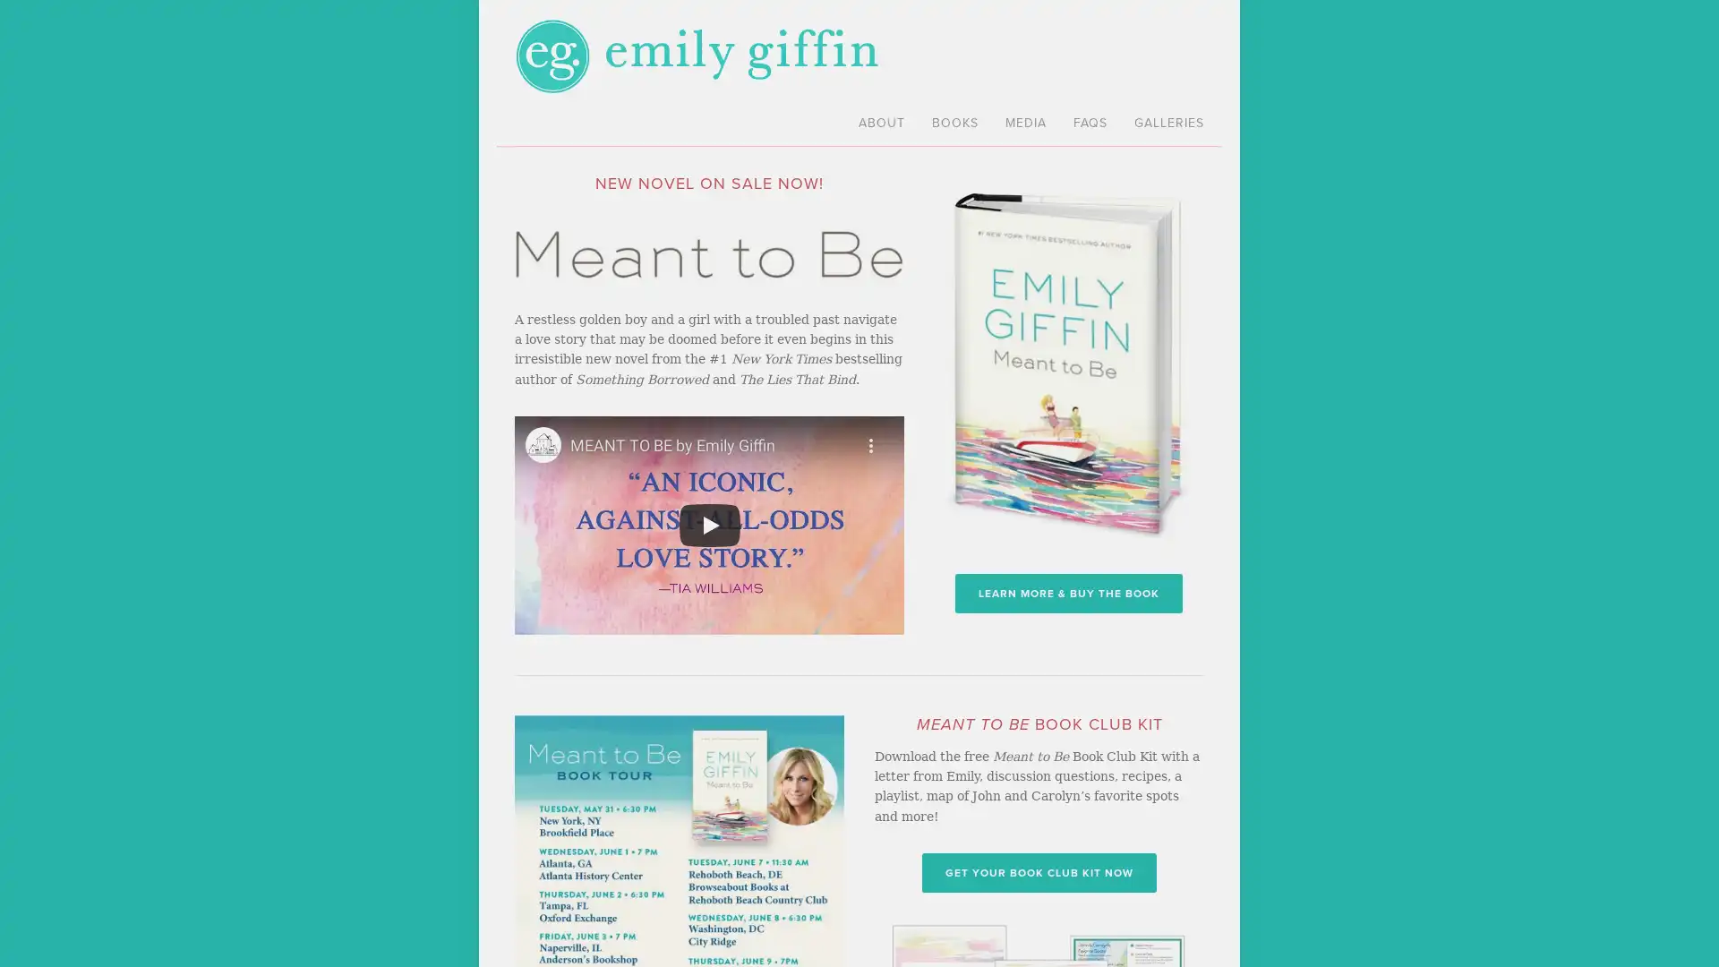 This screenshot has height=967, width=1719. I want to click on Sign me up!, so click(1004, 507).